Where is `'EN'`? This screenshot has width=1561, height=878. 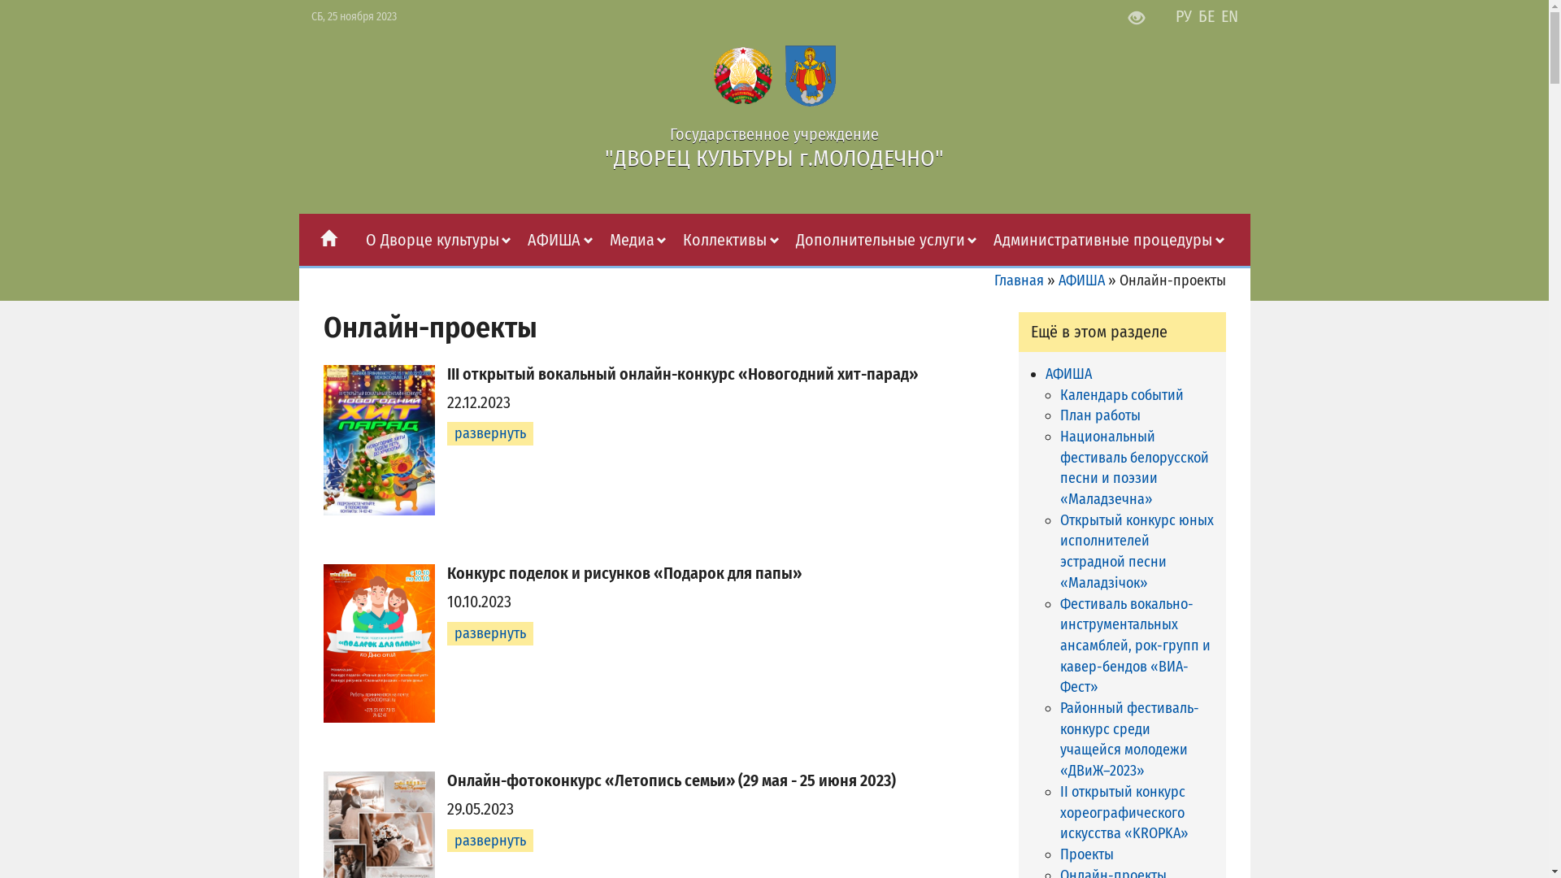
'EN' is located at coordinates (1229, 15).